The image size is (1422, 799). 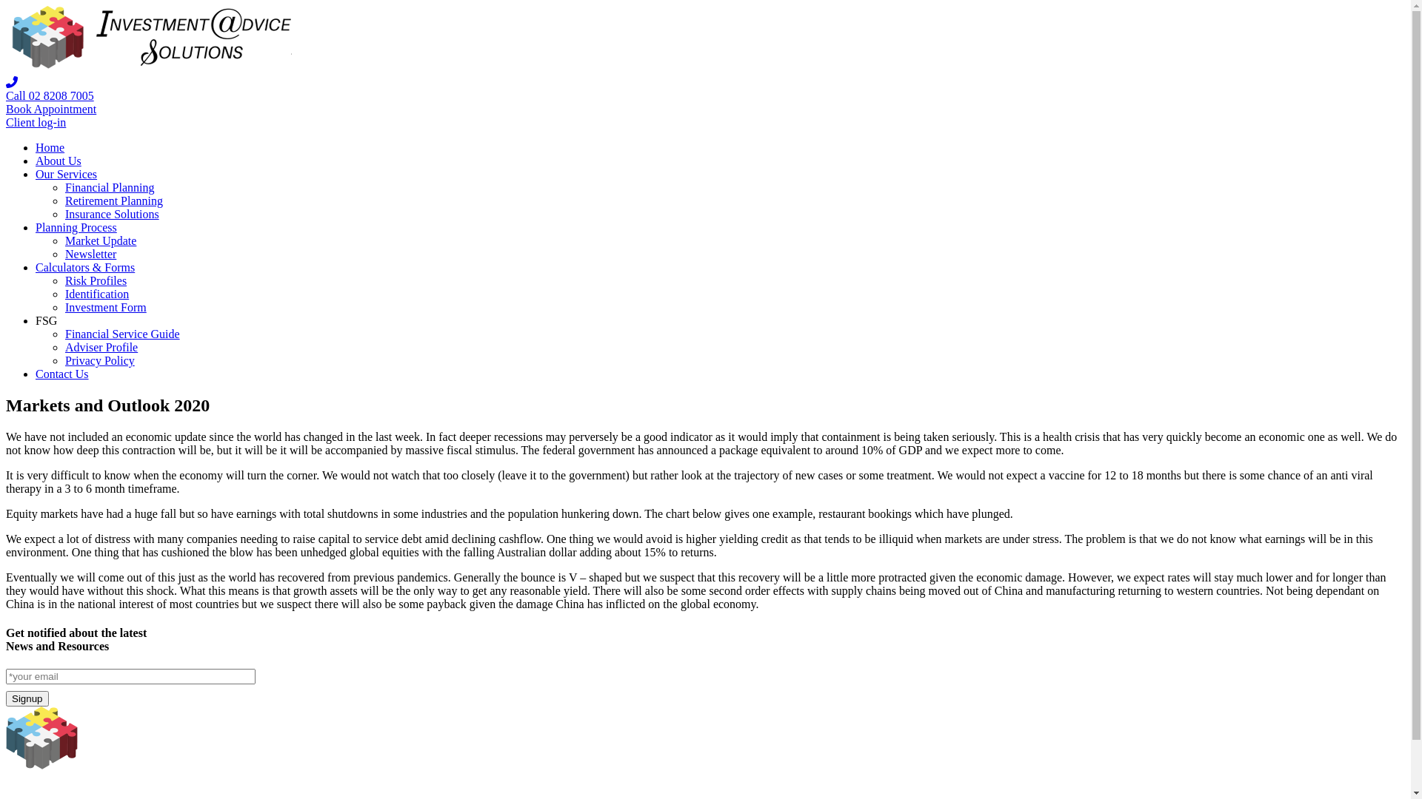 I want to click on 'Signup', so click(x=27, y=698).